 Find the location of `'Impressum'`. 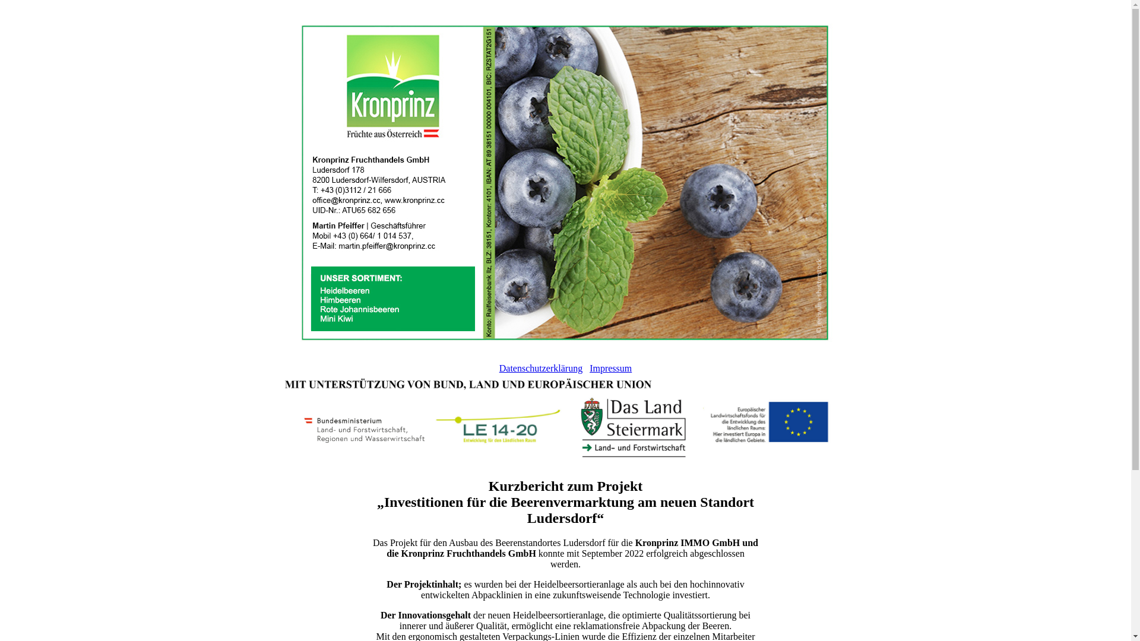

'Impressum' is located at coordinates (610, 367).